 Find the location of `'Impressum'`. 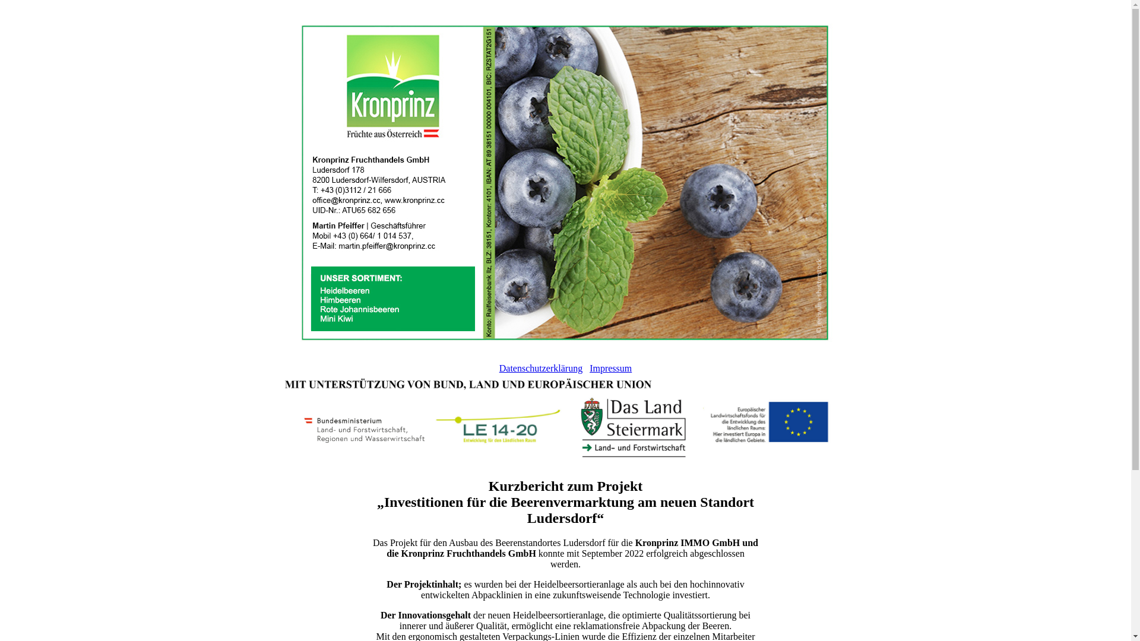

'Impressum' is located at coordinates (610, 367).